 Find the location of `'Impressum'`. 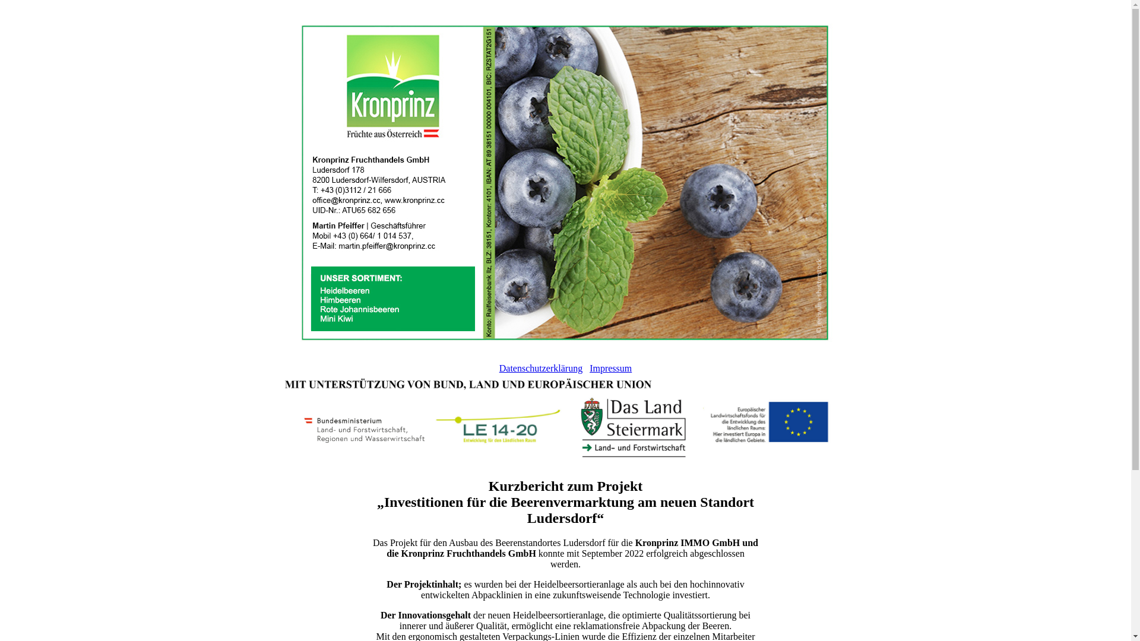

'Impressum' is located at coordinates (610, 367).